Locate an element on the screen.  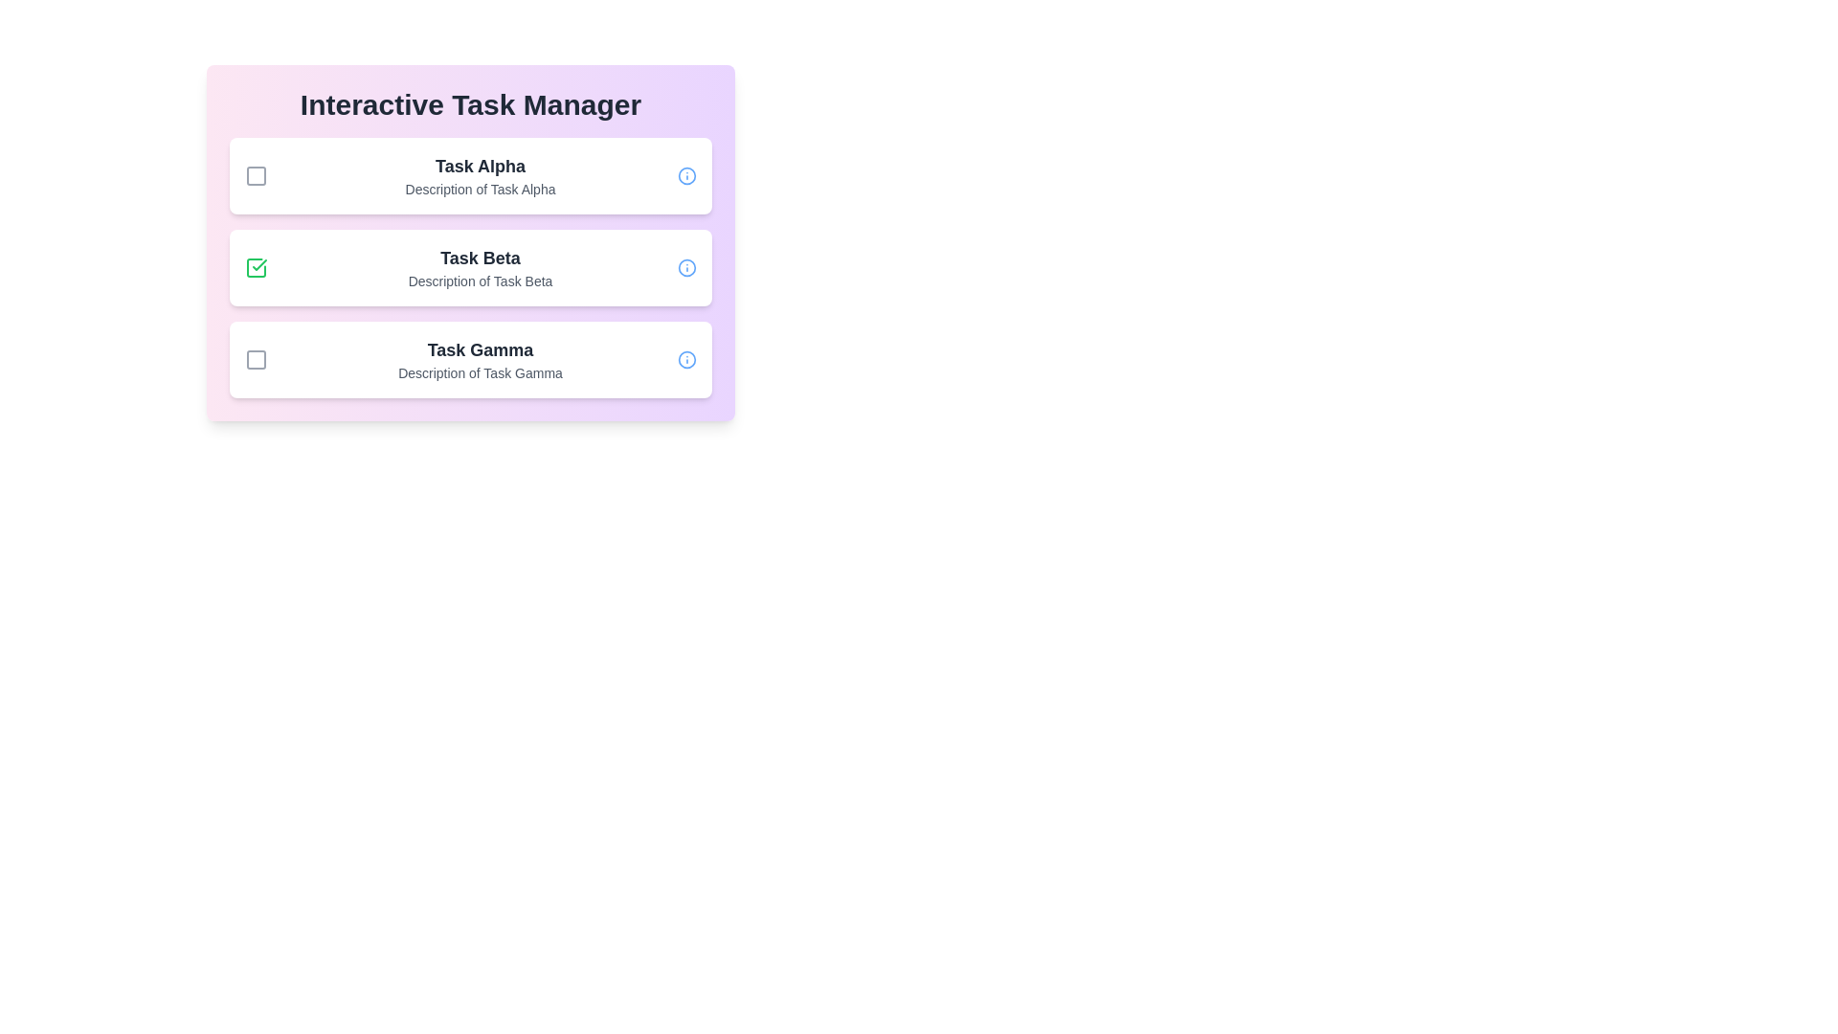
the info icon for the task identified by Task Gamma is located at coordinates (687, 359).